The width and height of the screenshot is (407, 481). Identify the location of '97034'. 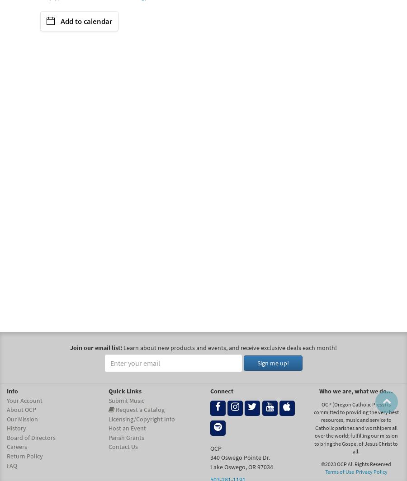
(257, 467).